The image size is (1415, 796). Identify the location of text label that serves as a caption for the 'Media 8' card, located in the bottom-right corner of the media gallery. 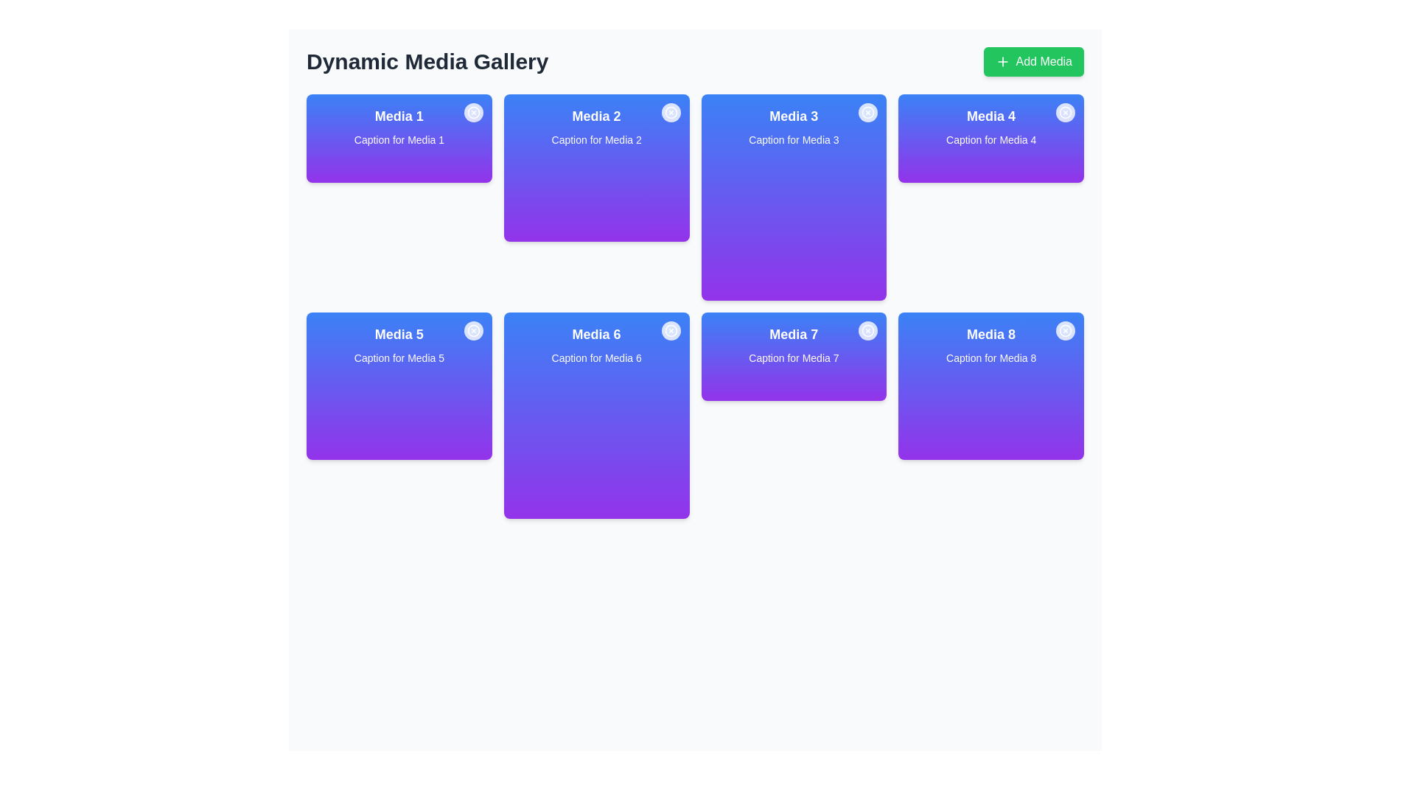
(991, 358).